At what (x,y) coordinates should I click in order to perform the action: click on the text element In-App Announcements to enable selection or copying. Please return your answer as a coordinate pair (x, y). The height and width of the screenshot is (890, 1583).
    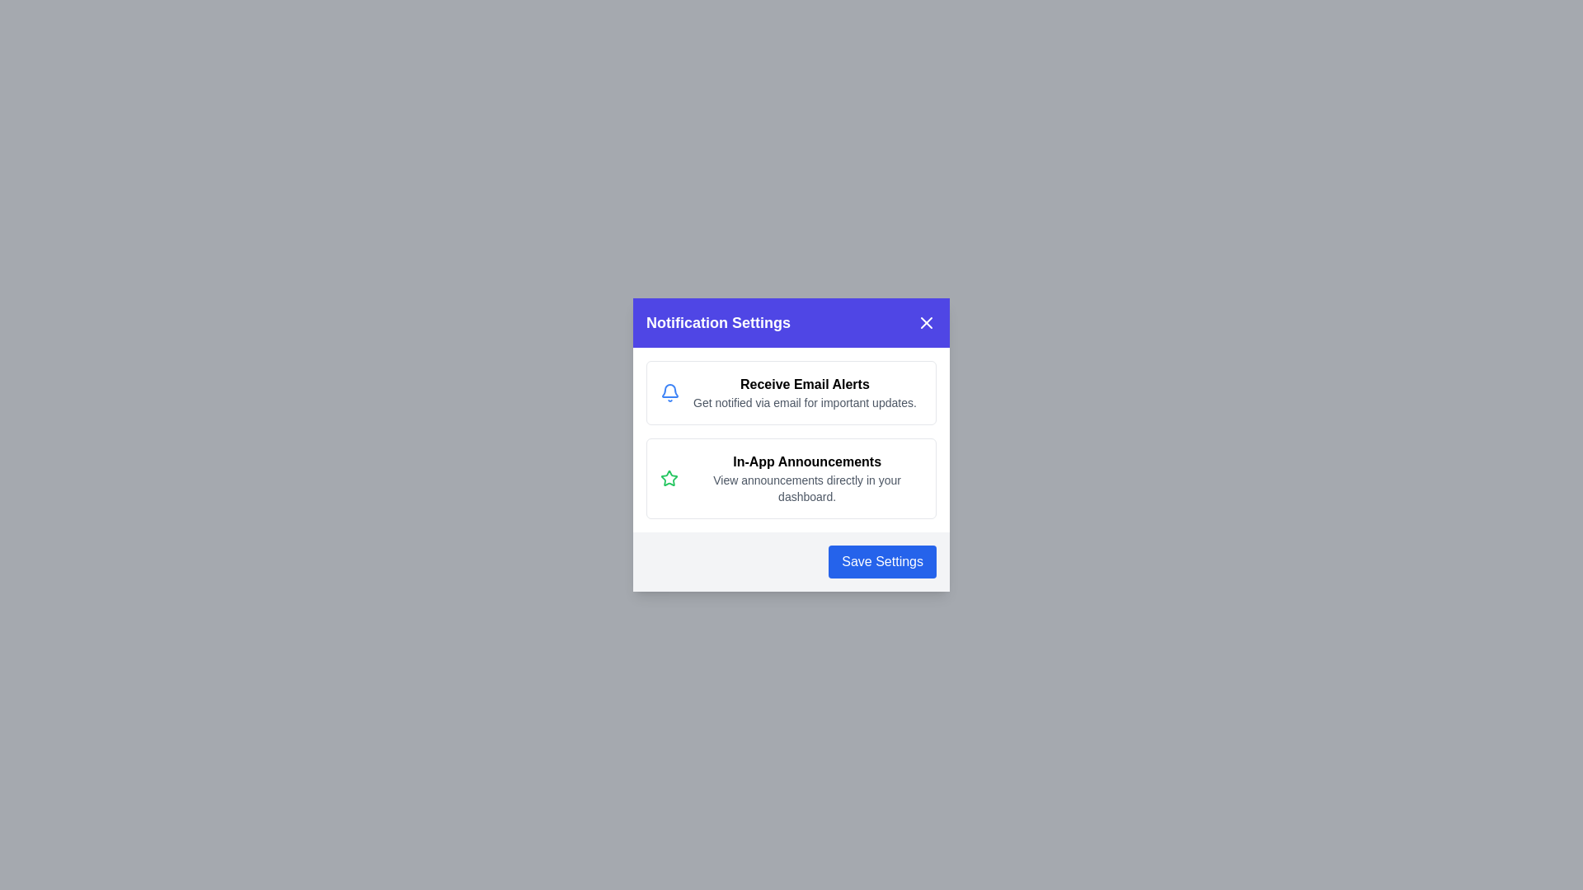
    Looking at the image, I should click on (807, 461).